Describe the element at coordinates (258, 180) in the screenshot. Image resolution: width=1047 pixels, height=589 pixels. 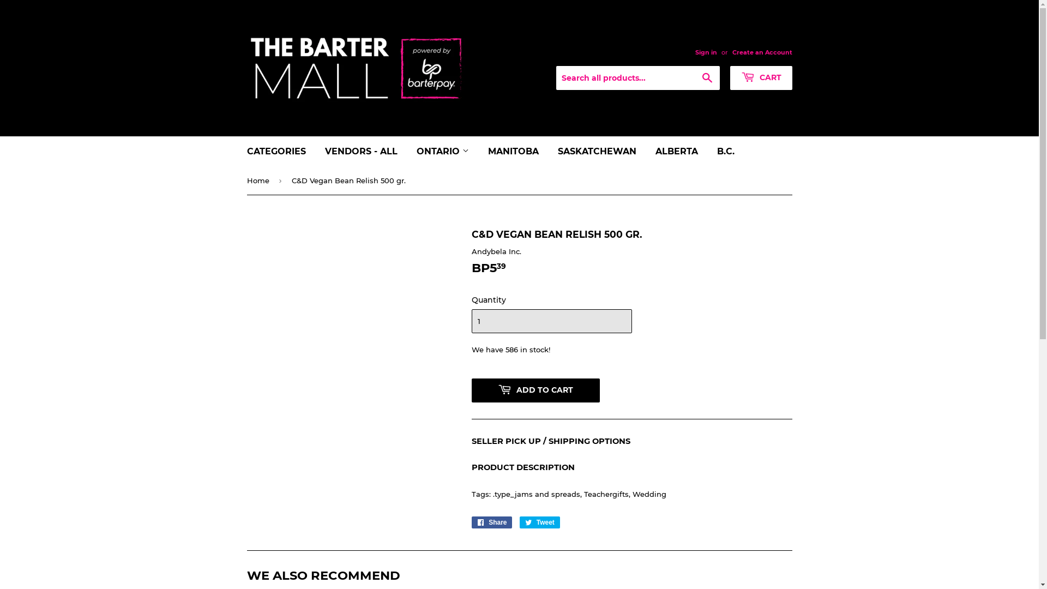
I see `'Home'` at that location.